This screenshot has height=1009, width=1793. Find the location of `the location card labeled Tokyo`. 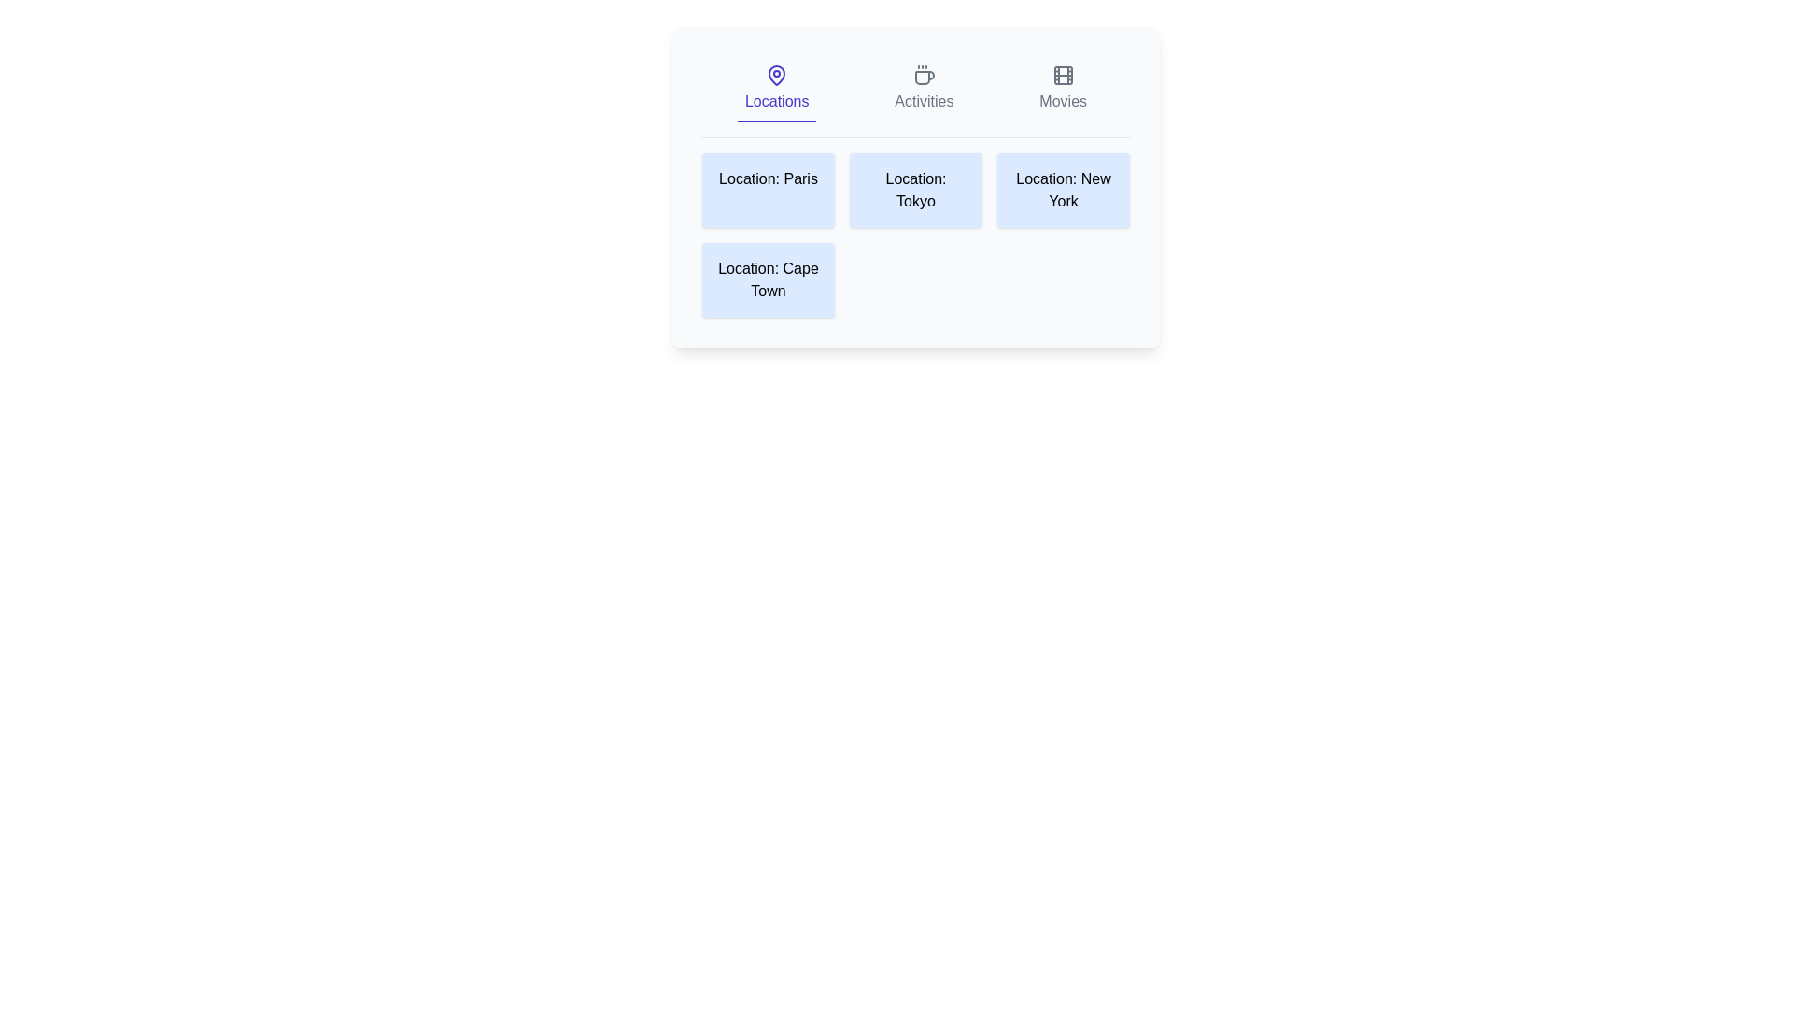

the location card labeled Tokyo is located at coordinates (915, 191).